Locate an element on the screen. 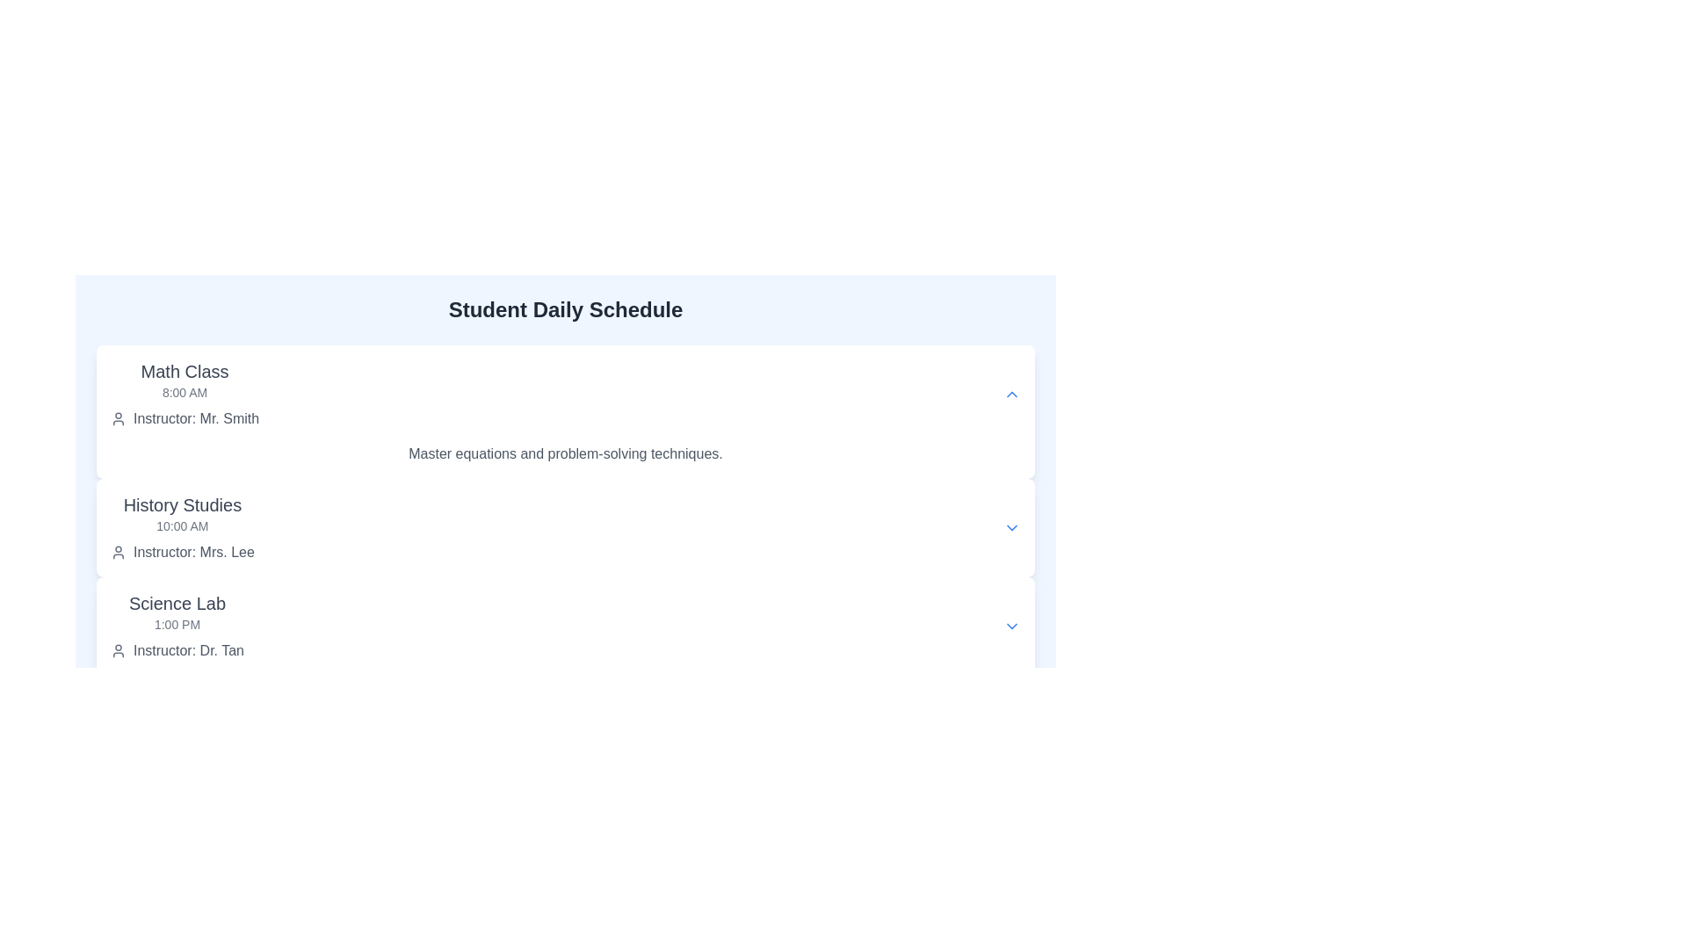 The height and width of the screenshot is (949, 1687). the 'Science Lab' text display component in the Student Daily Schedule is located at coordinates (177, 626).